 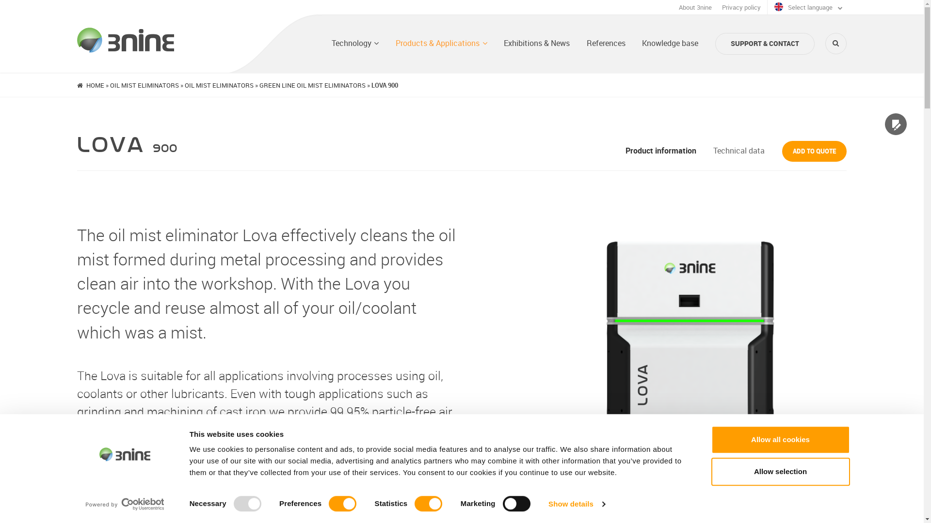 I want to click on 'References', so click(x=605, y=43).